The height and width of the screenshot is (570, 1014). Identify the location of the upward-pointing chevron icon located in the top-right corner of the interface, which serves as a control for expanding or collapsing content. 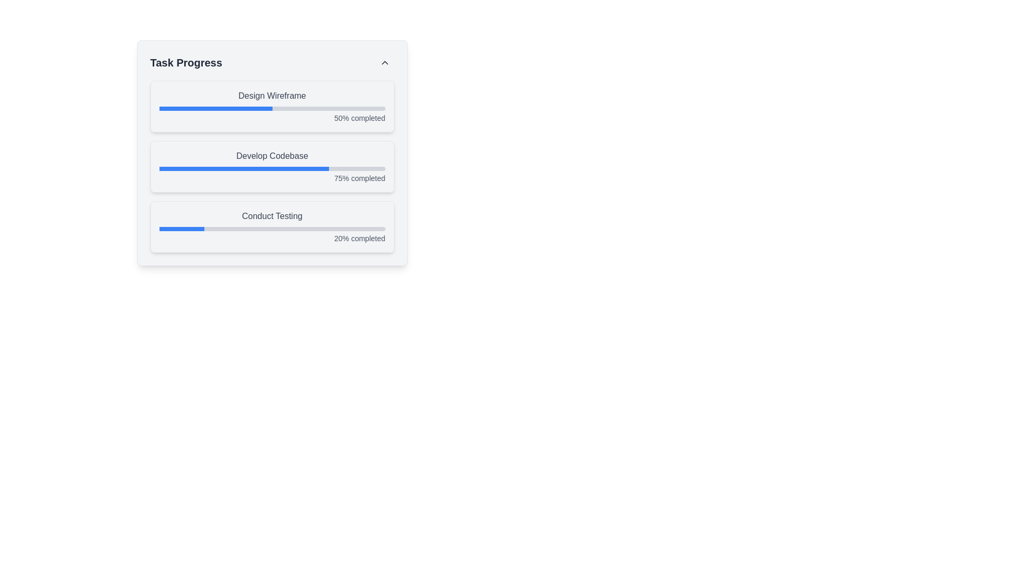
(384, 63).